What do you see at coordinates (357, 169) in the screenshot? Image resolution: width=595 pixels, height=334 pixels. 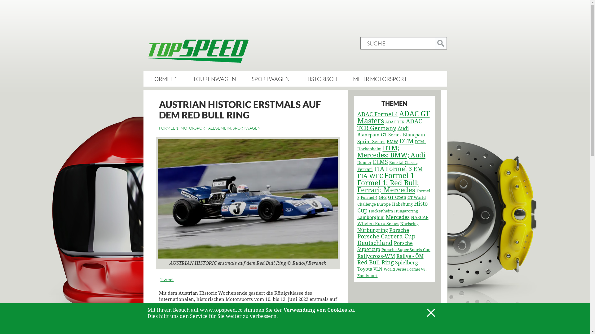 I see `'Ferrari'` at bounding box center [357, 169].